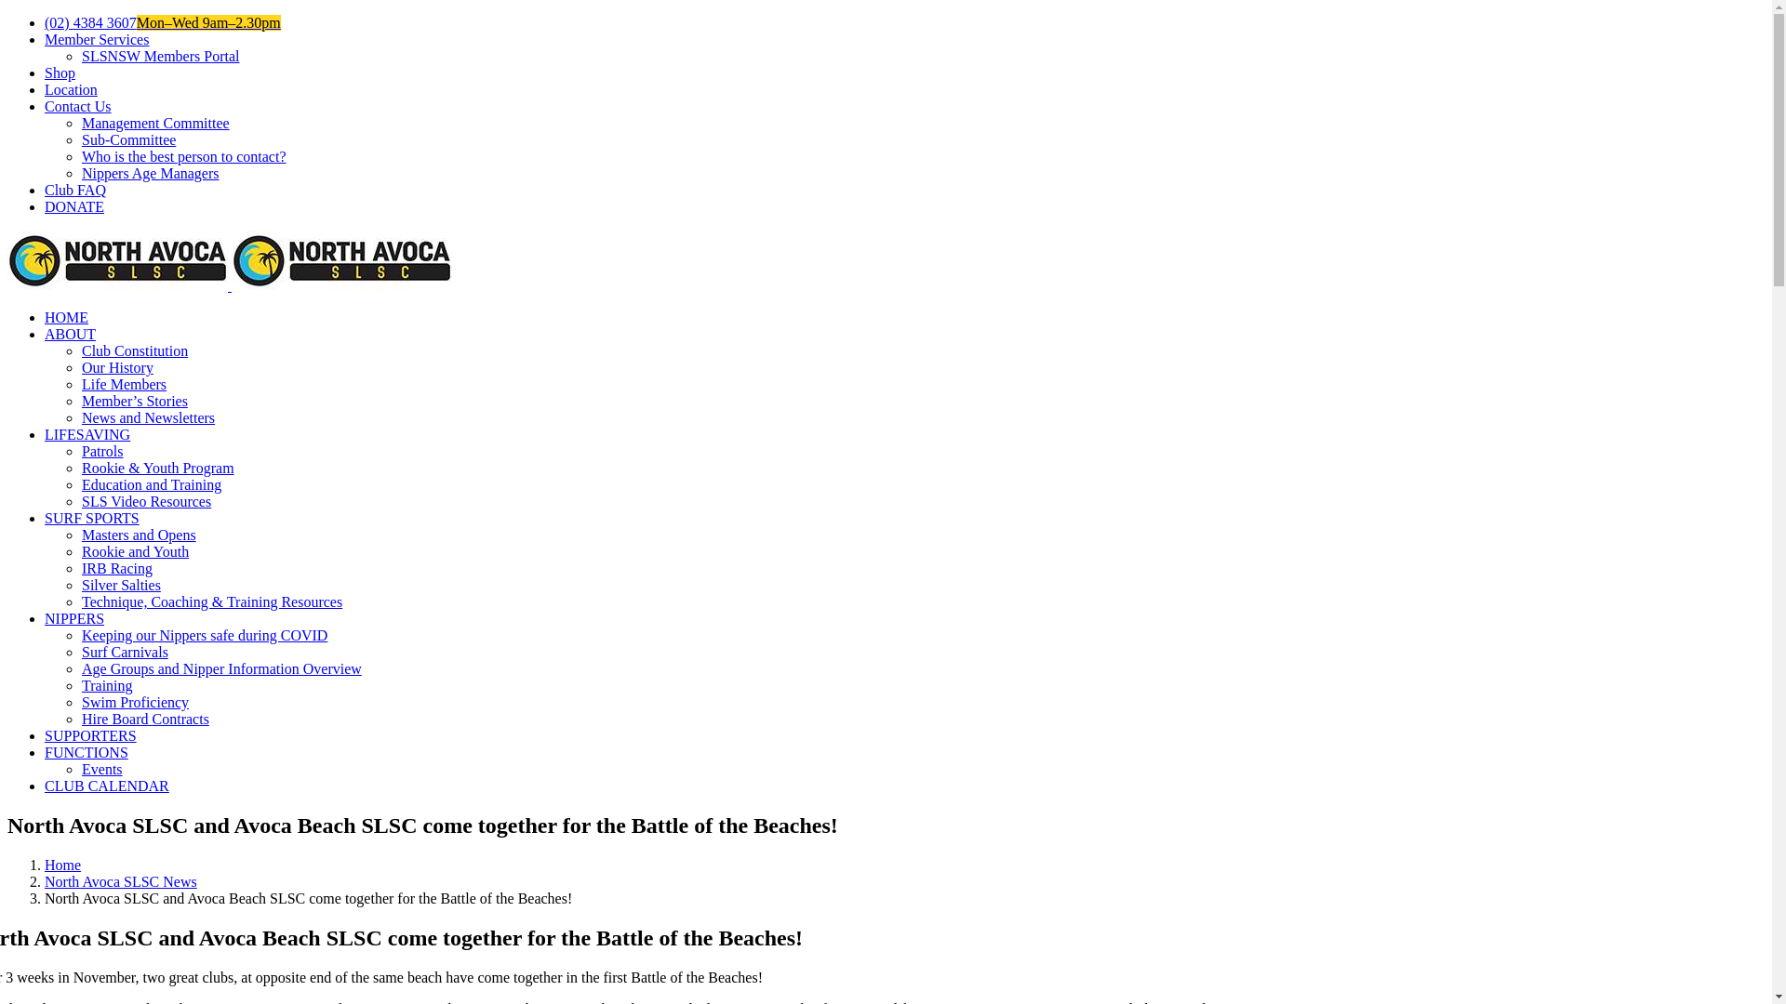 Image resolution: width=1786 pixels, height=1004 pixels. Describe the element at coordinates (127, 139) in the screenshot. I see `'Sub-Committee'` at that location.